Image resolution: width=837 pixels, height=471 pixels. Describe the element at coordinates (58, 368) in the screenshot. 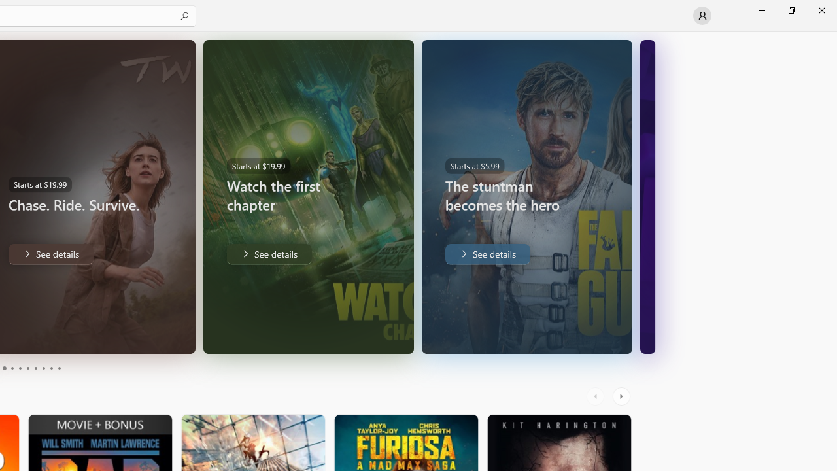

I see `'Page 10'` at that location.